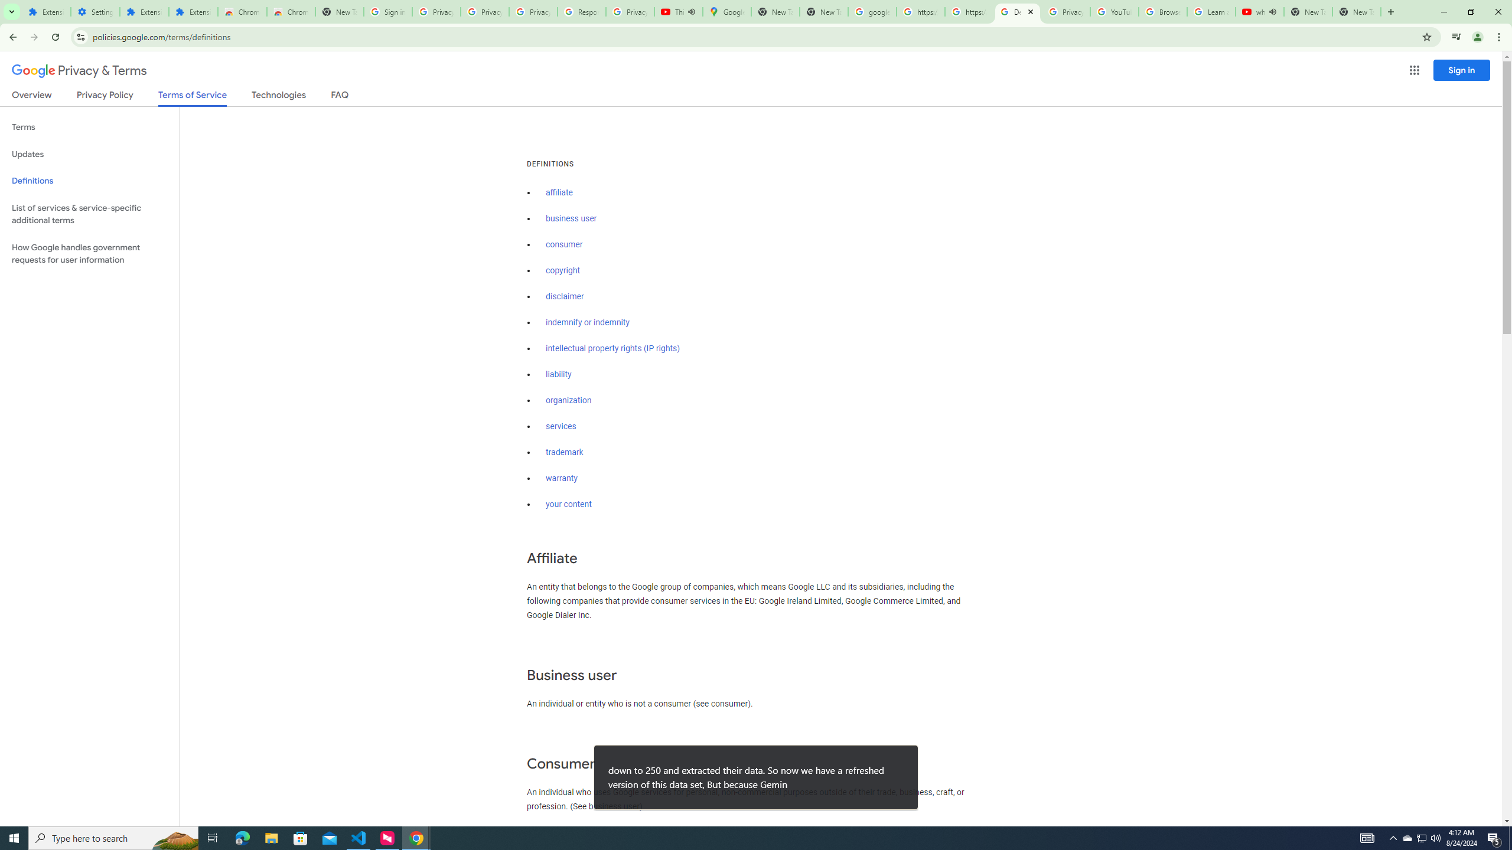 The image size is (1512, 850). Describe the element at coordinates (1162, 11) in the screenshot. I see `'Browse Chrome as a guest - Computer - Google Chrome Help'` at that location.